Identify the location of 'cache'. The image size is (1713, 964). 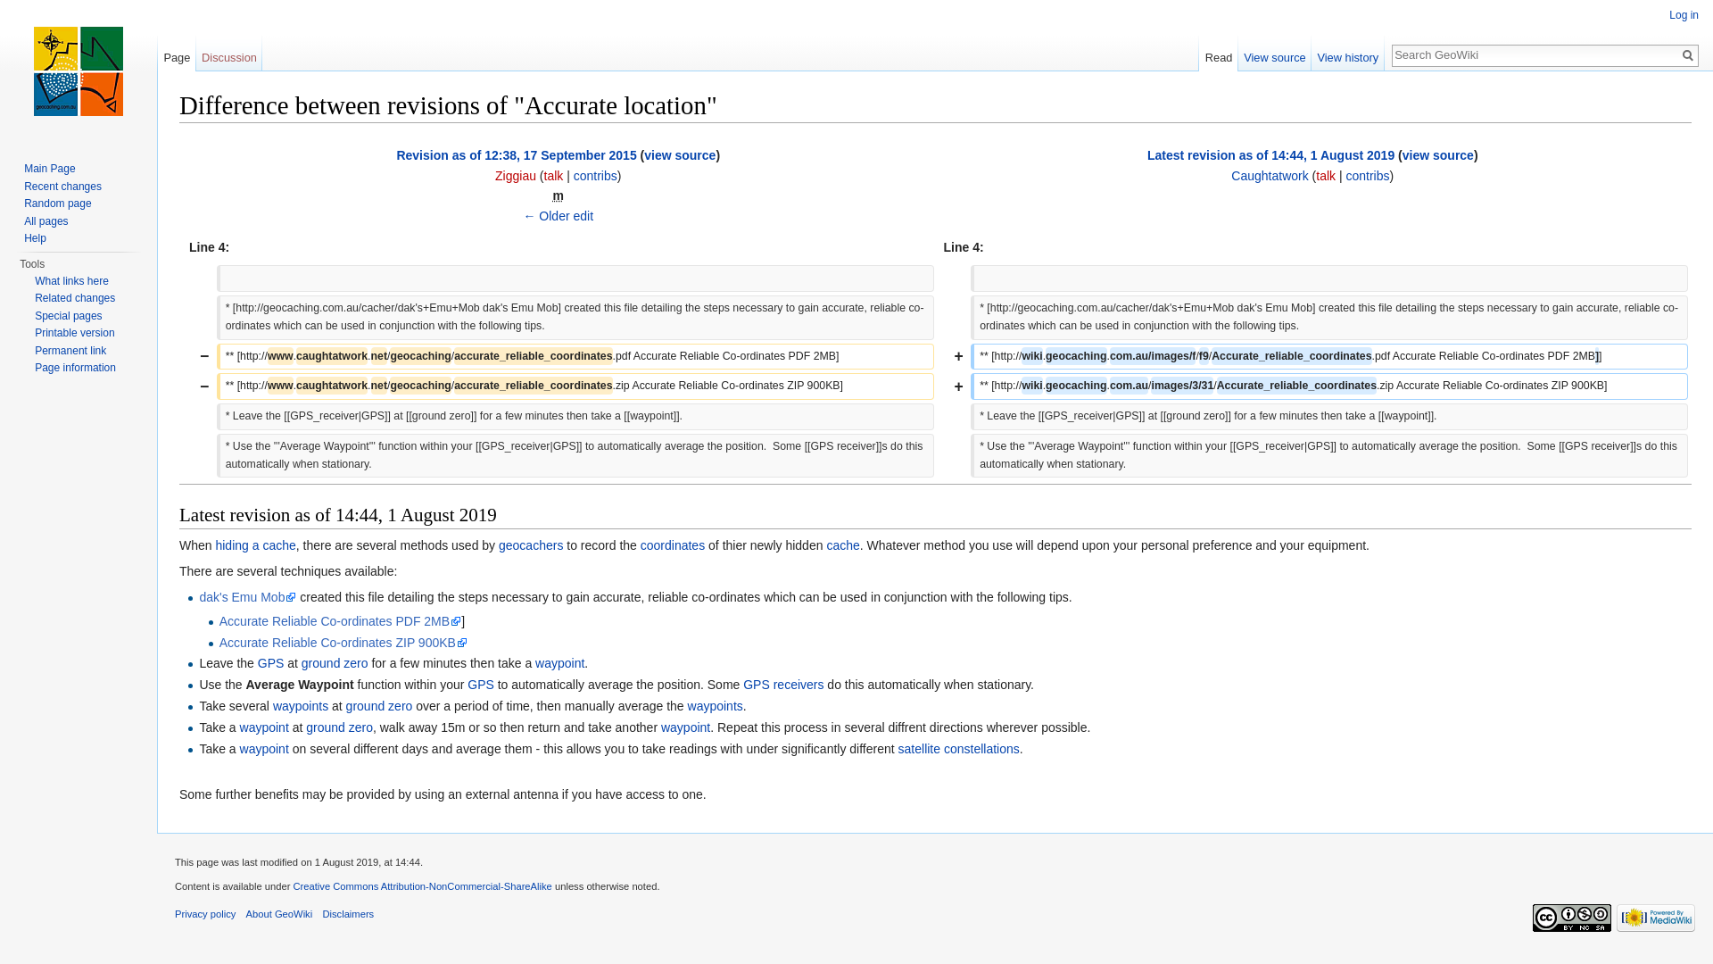
(825, 544).